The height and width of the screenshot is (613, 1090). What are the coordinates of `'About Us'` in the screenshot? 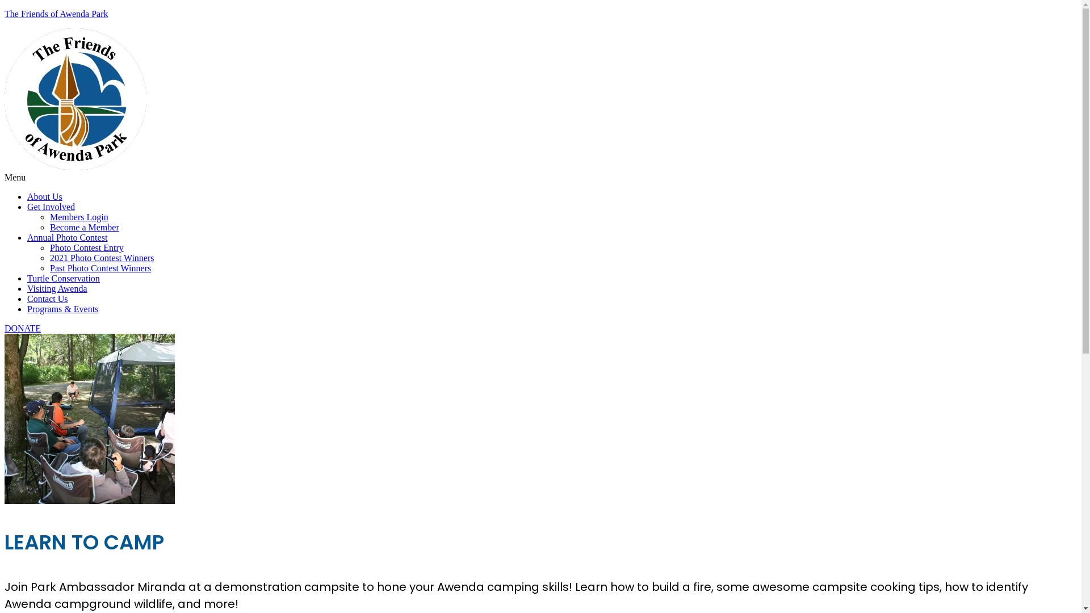 It's located at (27, 196).